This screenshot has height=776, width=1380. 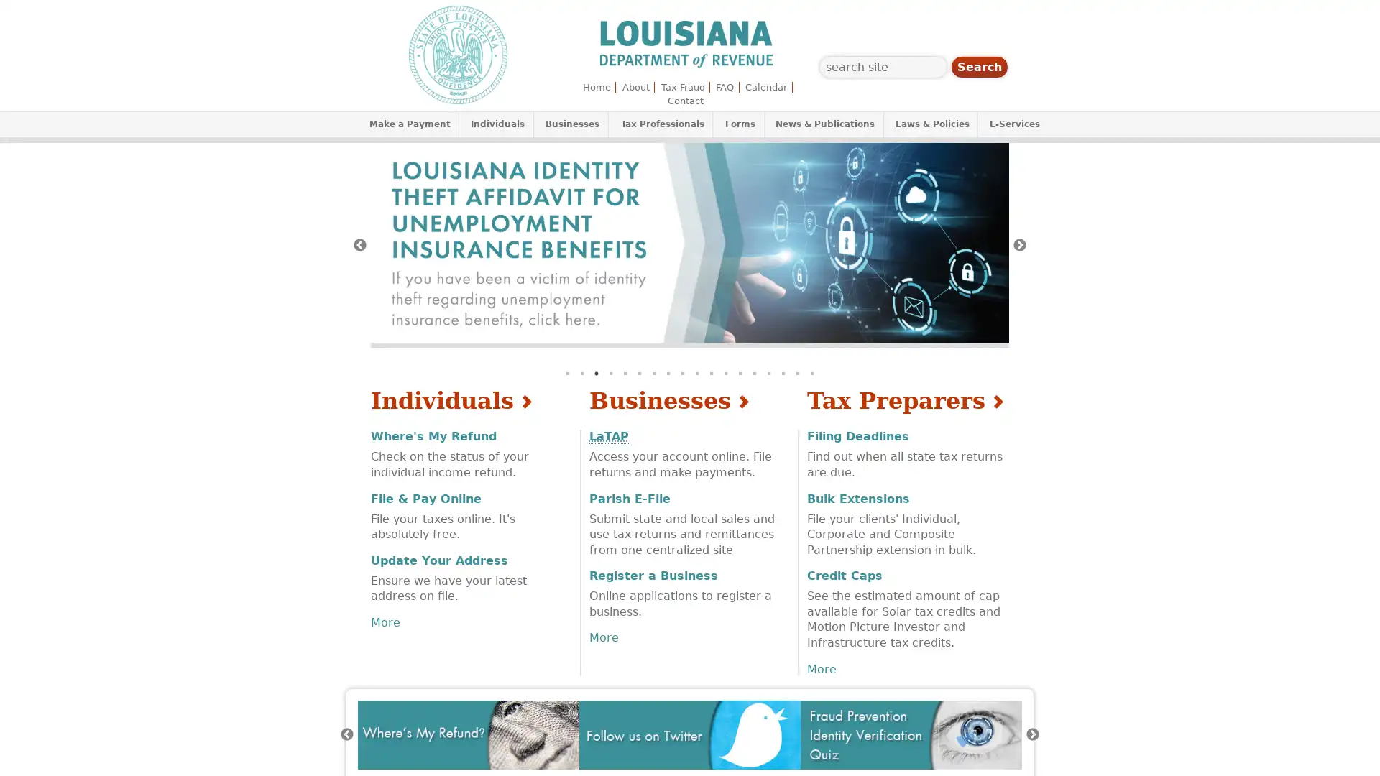 I want to click on 8, so click(x=668, y=373).